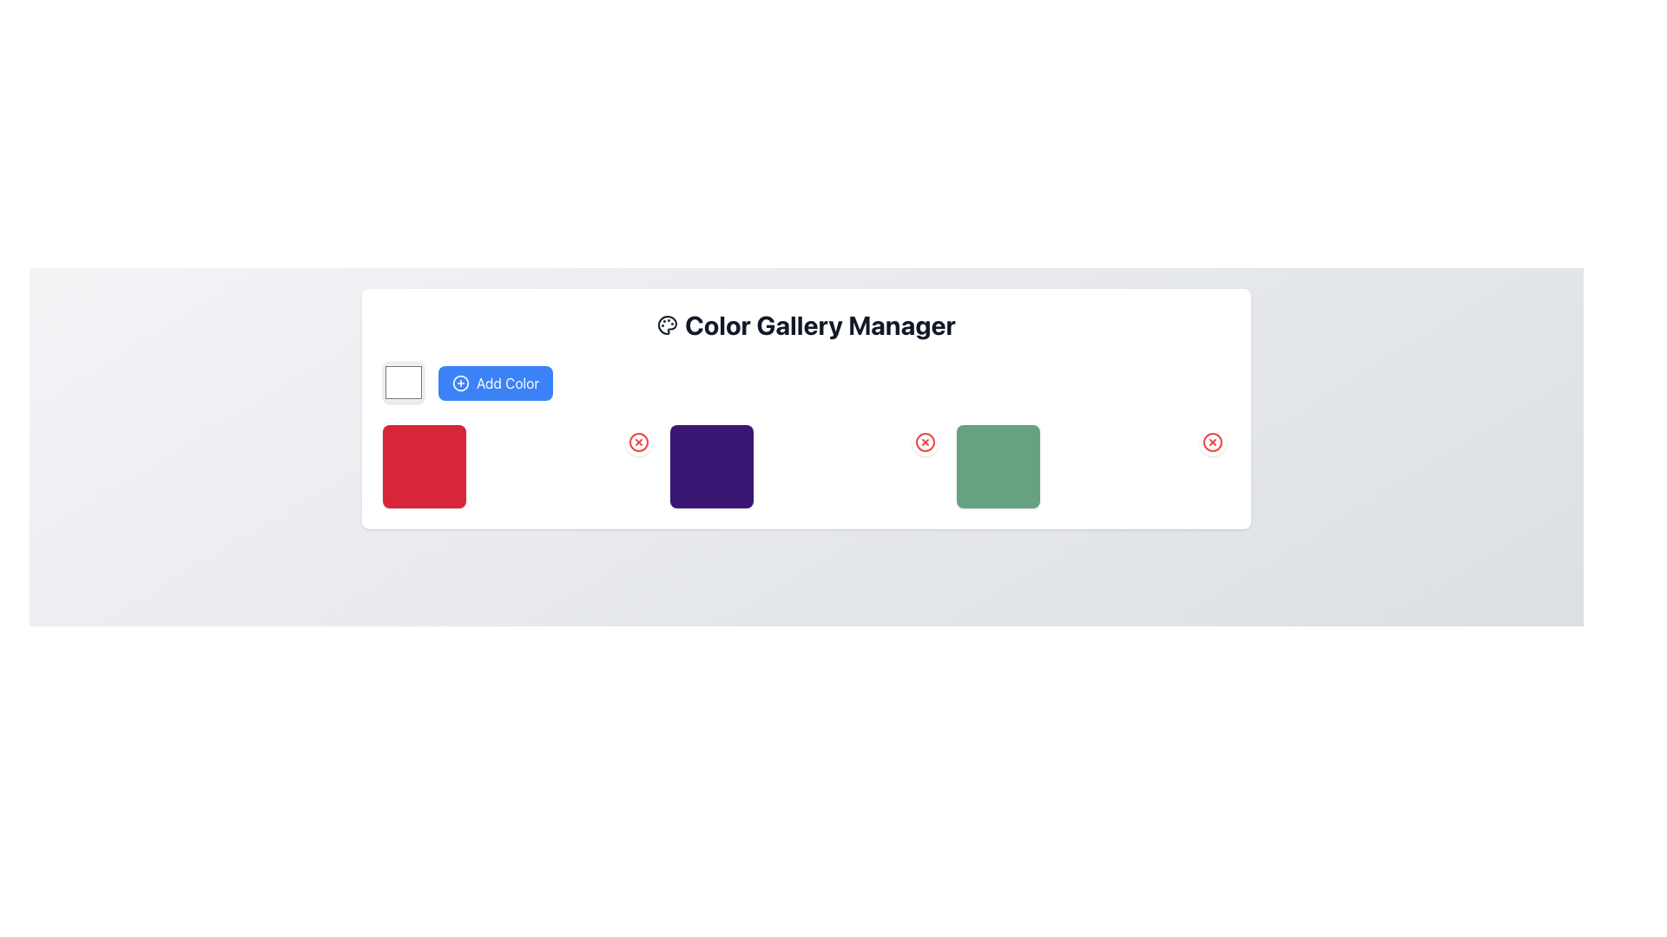  I want to click on the interactive button in the top-right corner of the green box, so click(1211, 441).